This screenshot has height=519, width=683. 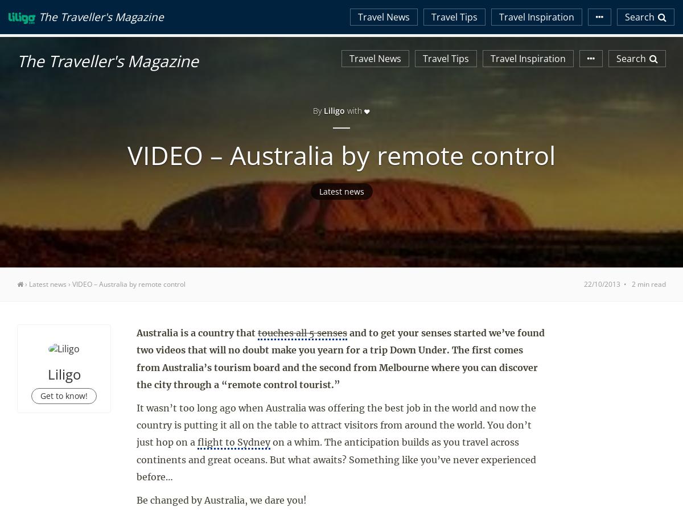 I want to click on 'min read', so click(x=651, y=283).